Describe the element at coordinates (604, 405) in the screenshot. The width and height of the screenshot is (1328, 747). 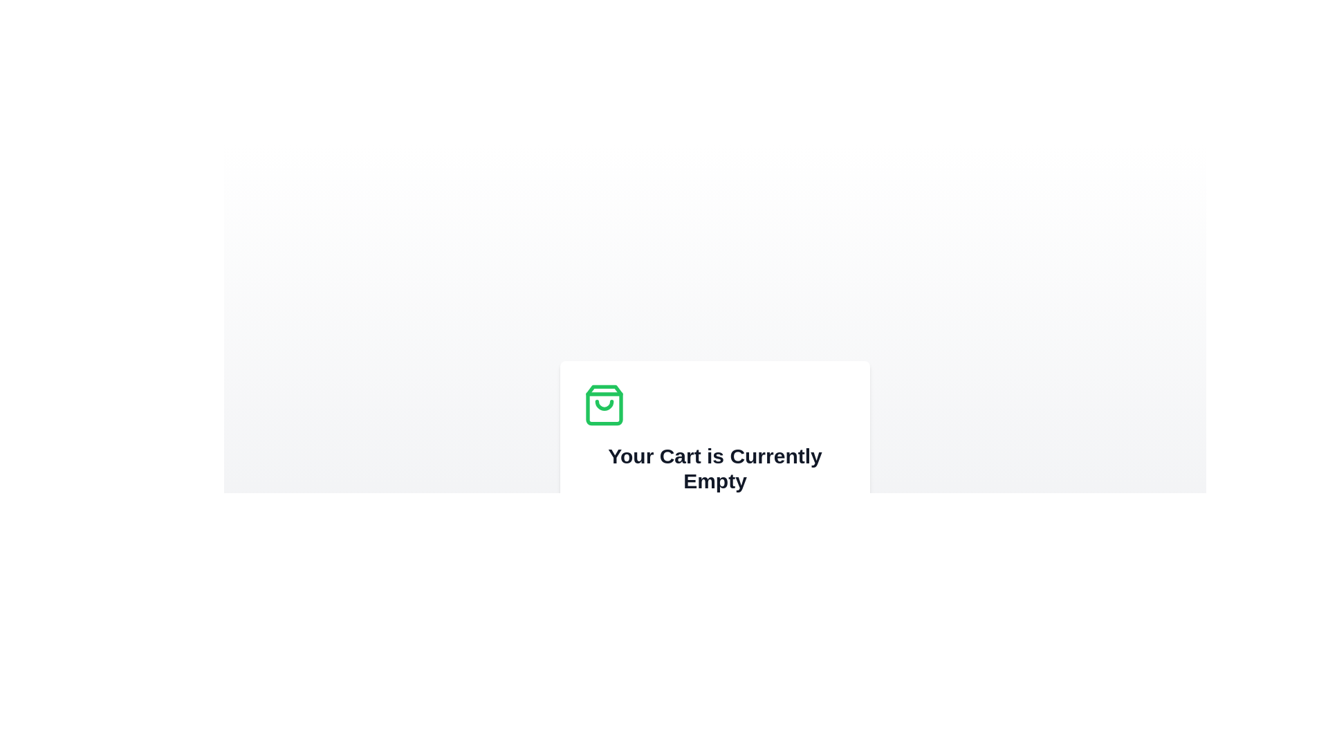
I see `the shopping cart icon that represents an empty cart, located above the message 'Your Cart is Currently Empty.'` at that location.